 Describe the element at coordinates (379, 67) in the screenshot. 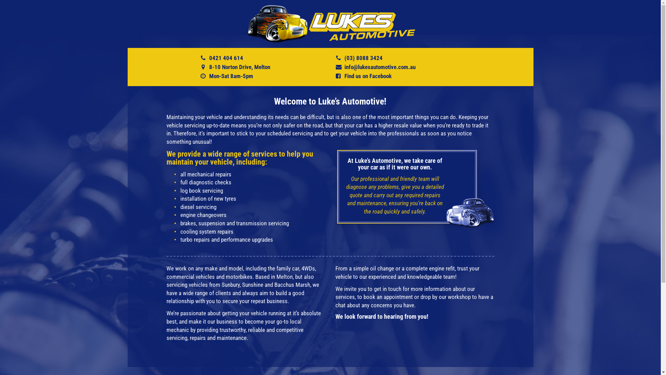

I see `'info@lukesautomotive.com.au'` at that location.